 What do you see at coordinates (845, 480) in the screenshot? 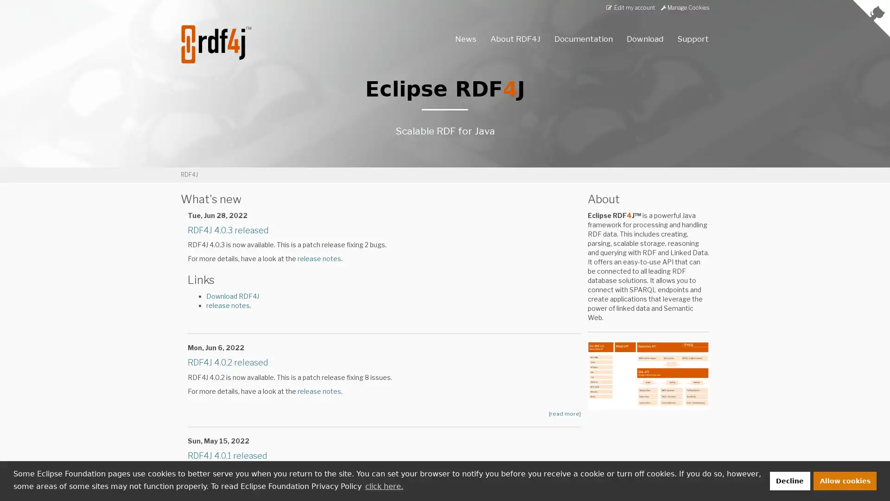
I see `allow cookies` at bounding box center [845, 480].